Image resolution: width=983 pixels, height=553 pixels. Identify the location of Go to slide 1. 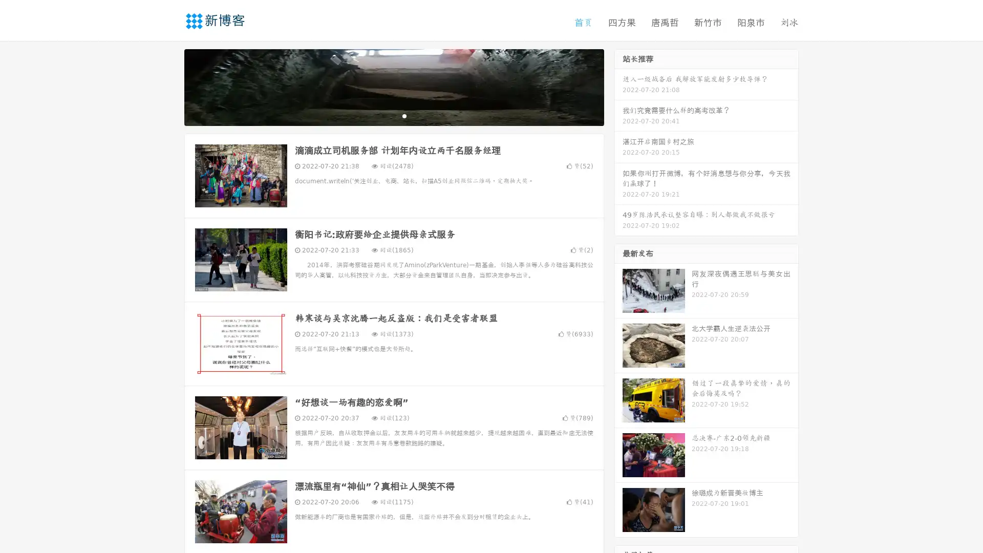
(383, 115).